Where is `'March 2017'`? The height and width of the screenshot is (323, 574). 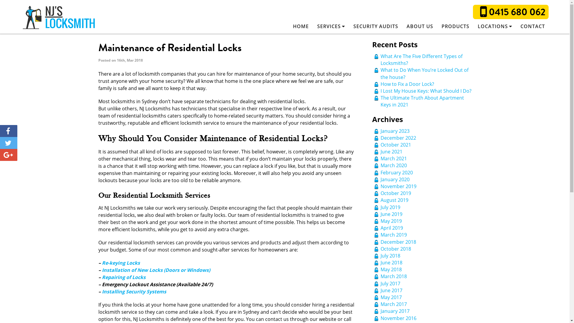
'March 2017' is located at coordinates (380, 304).